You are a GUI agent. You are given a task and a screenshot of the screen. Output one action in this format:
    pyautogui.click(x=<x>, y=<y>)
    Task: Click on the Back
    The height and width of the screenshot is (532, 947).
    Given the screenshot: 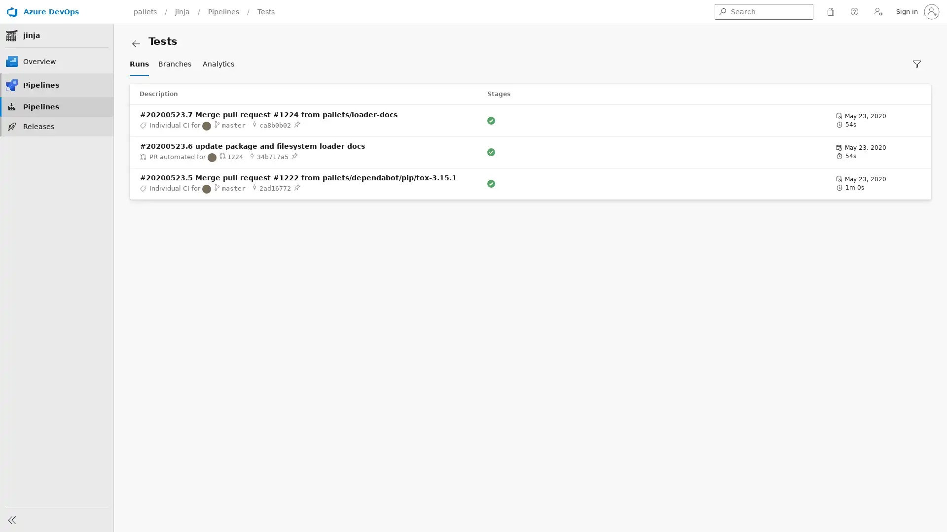 What is the action you would take?
    pyautogui.click(x=150, y=43)
    